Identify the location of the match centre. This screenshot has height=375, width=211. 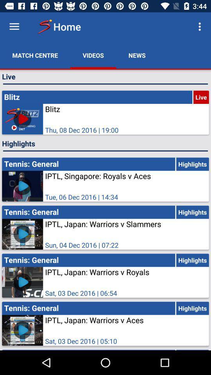
(35, 55).